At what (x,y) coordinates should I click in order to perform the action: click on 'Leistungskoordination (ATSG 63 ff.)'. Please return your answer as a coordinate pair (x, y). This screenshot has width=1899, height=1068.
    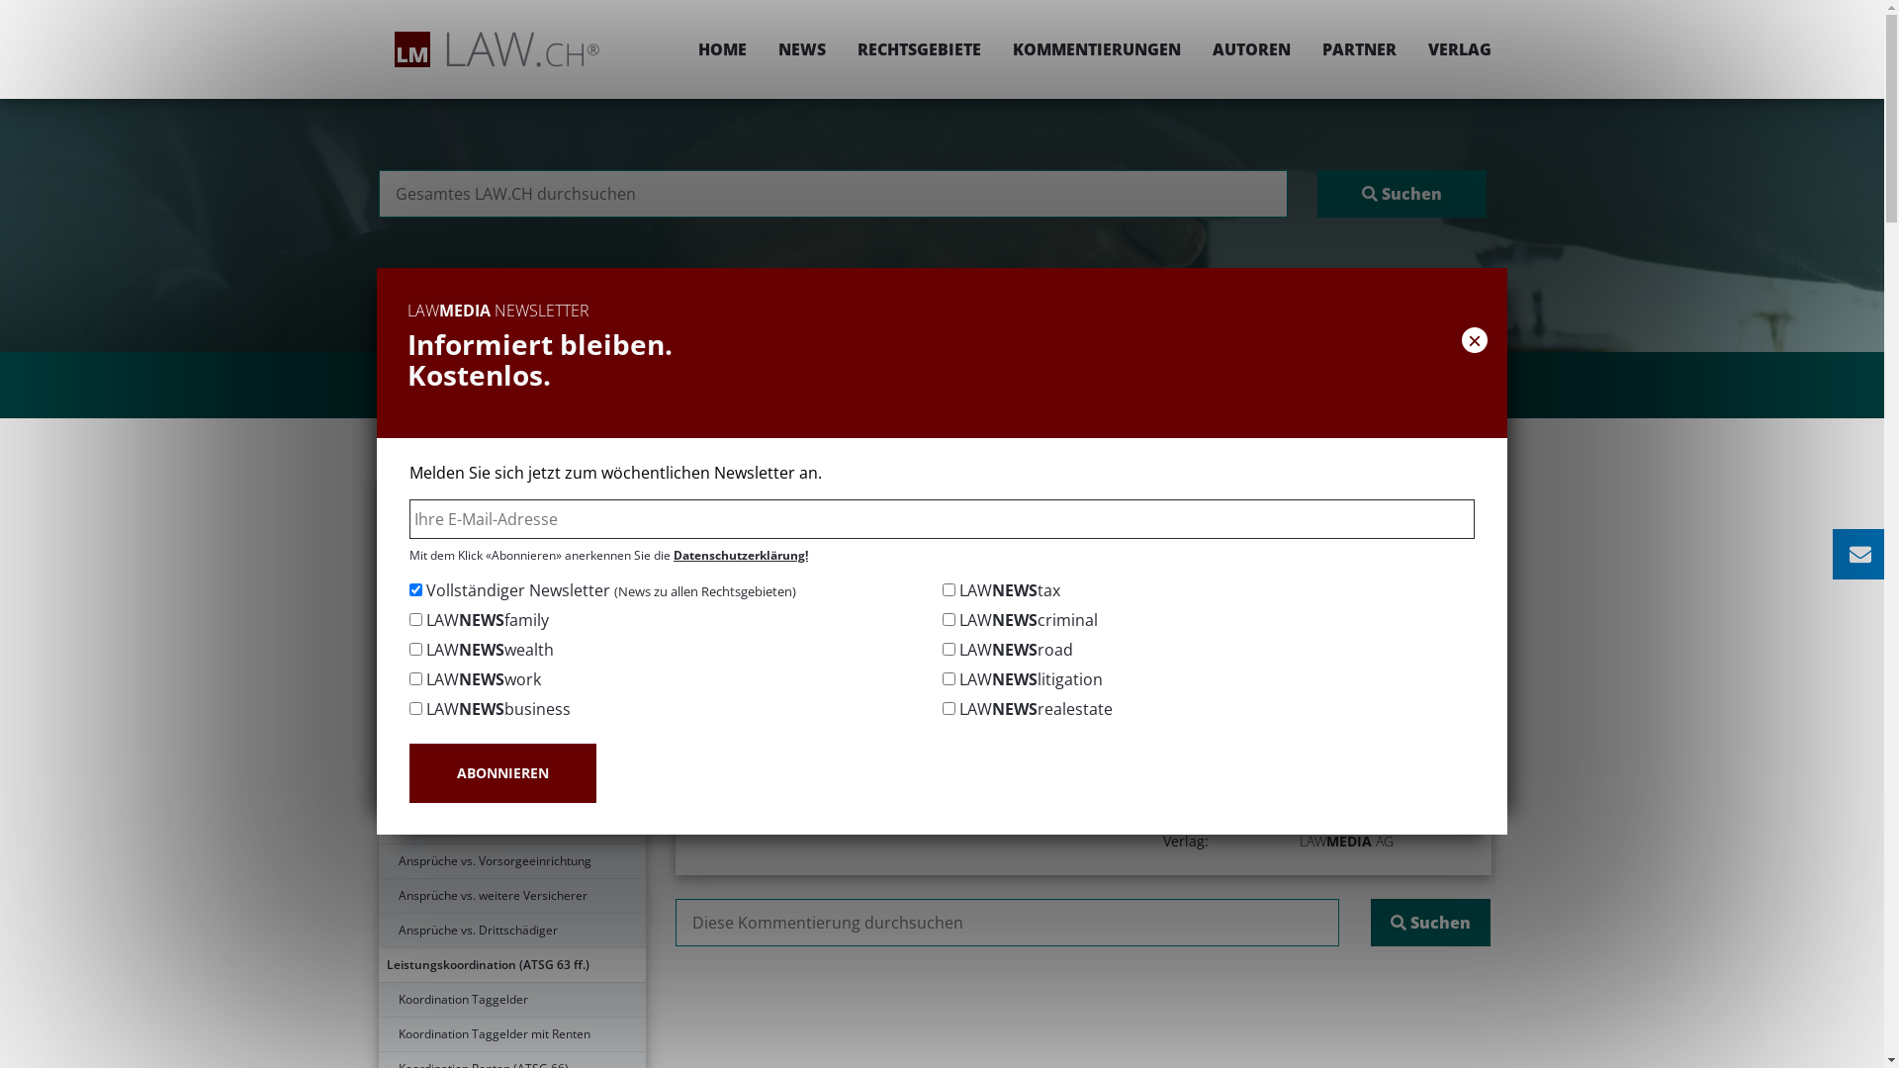
    Looking at the image, I should click on (511, 963).